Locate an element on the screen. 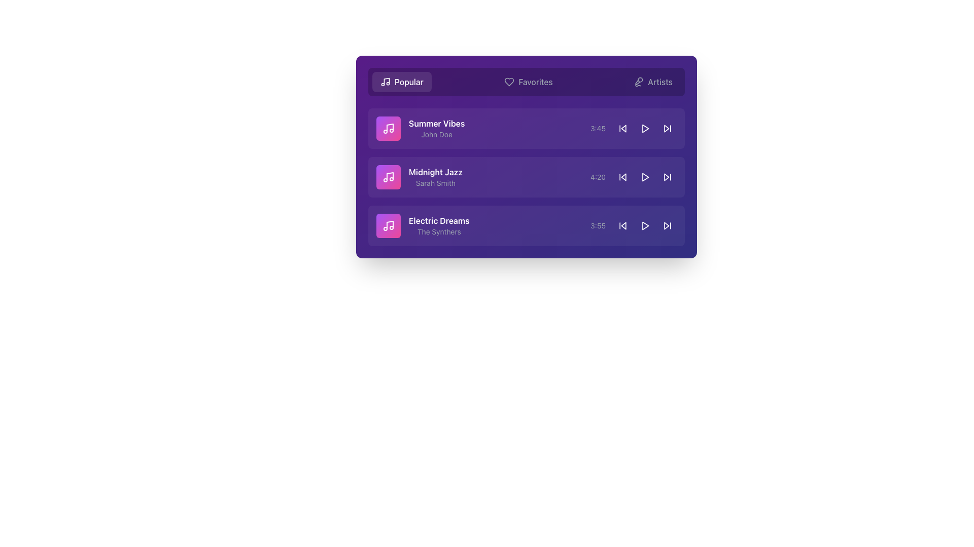  the play button styled with a triangular 'Play' sign in white on a purple background associated with the 'Electric Dreams' song is located at coordinates (645, 225).